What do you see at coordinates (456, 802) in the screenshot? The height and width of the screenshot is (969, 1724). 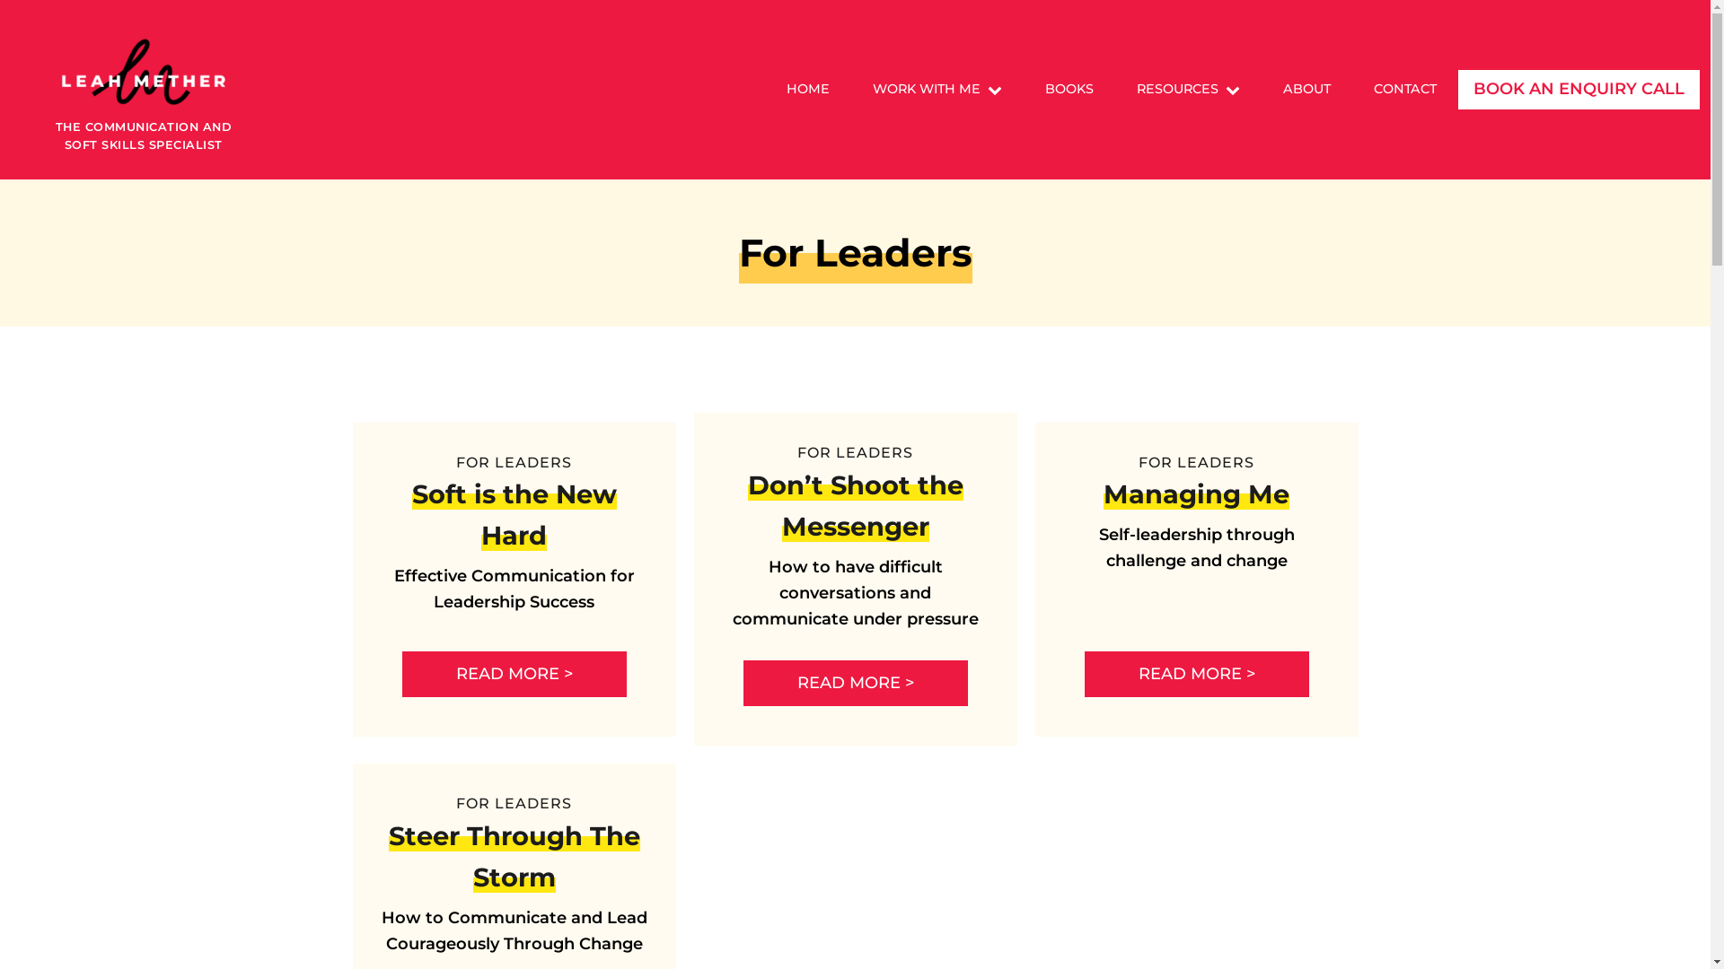 I see `'FOR LEADERS'` at bounding box center [456, 802].